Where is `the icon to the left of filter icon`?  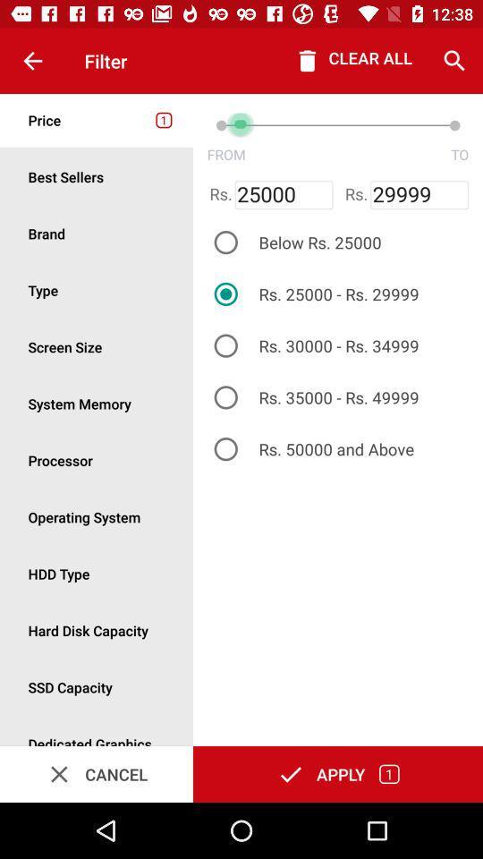 the icon to the left of filter icon is located at coordinates (32, 61).